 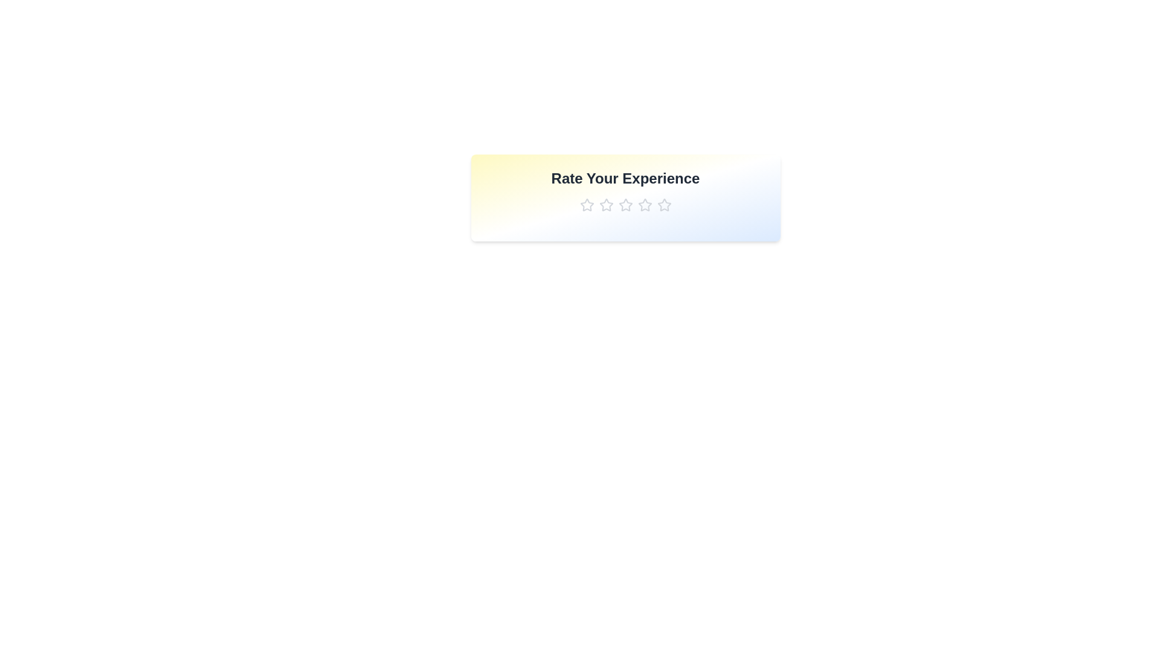 What do you see at coordinates (663, 204) in the screenshot?
I see `the star corresponding to the rating 5` at bounding box center [663, 204].